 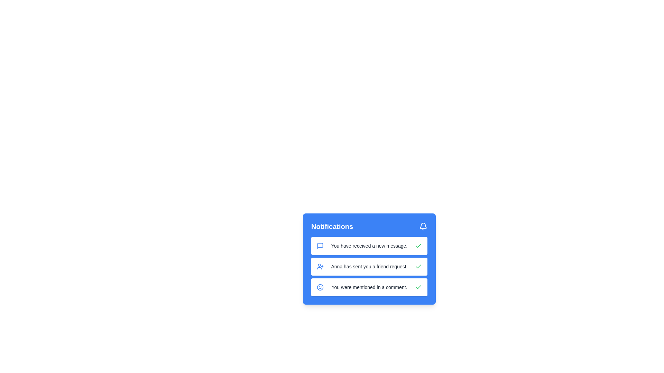 I want to click on the checkmark button for the notification labeled 'You were mentioned in a comment.', so click(x=418, y=287).